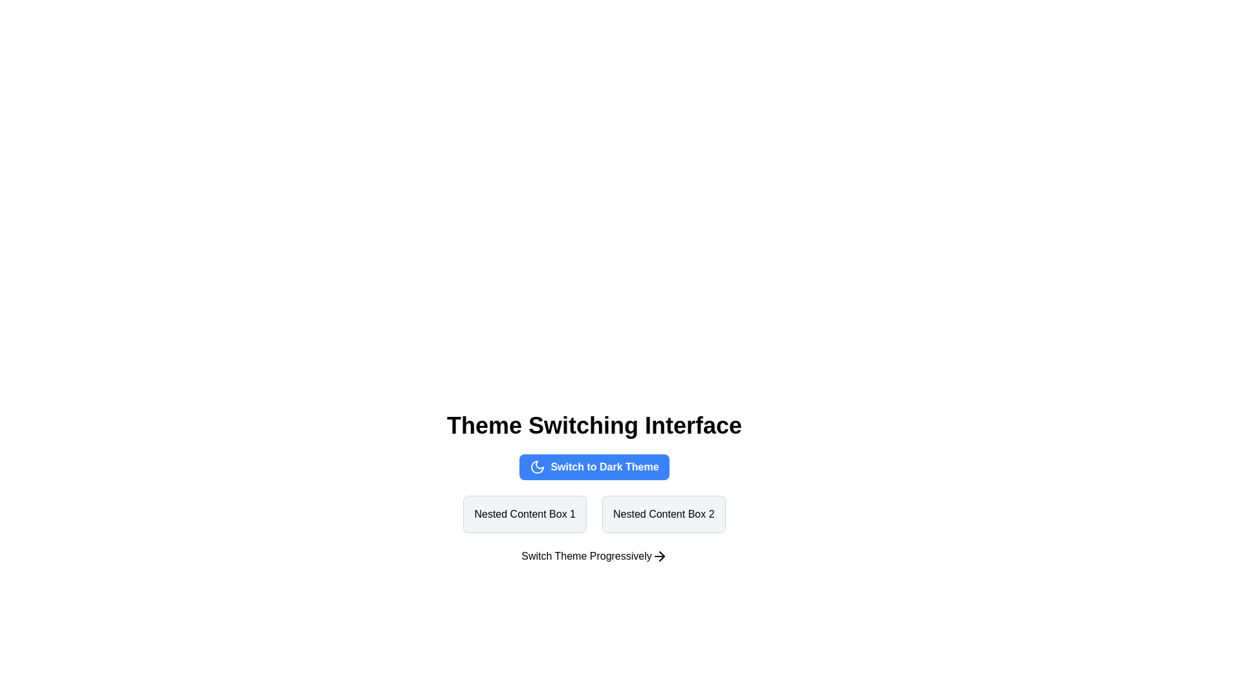  Describe the element at coordinates (593, 555) in the screenshot. I see `the 'Switch Theme Progressively' text and rightward arrow icon group` at that location.